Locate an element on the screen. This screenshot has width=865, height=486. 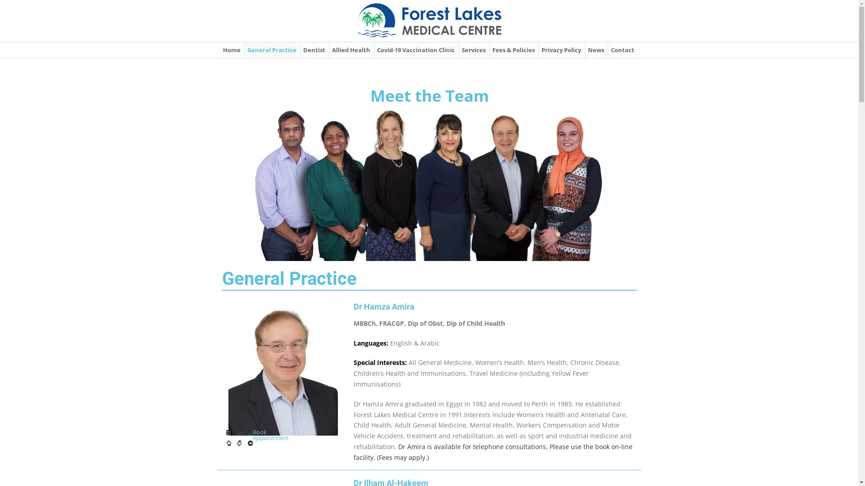
'Home' is located at coordinates (220, 50).